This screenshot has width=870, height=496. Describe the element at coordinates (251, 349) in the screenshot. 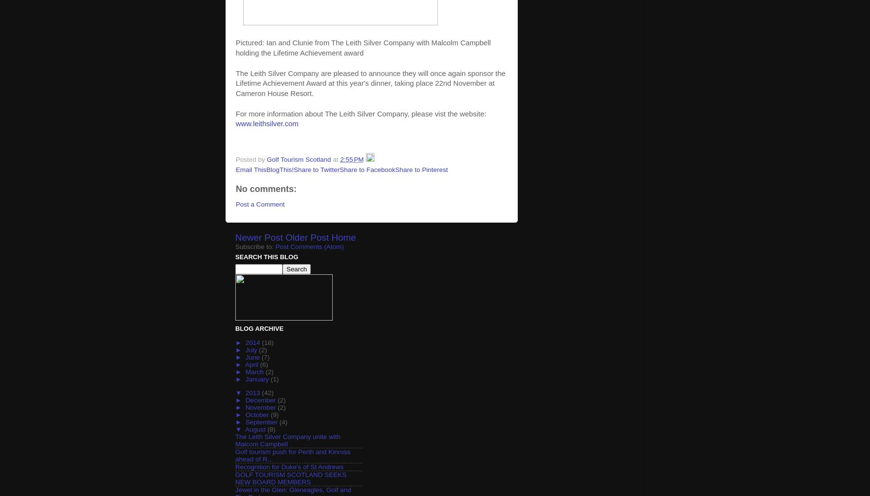

I see `'July'` at that location.